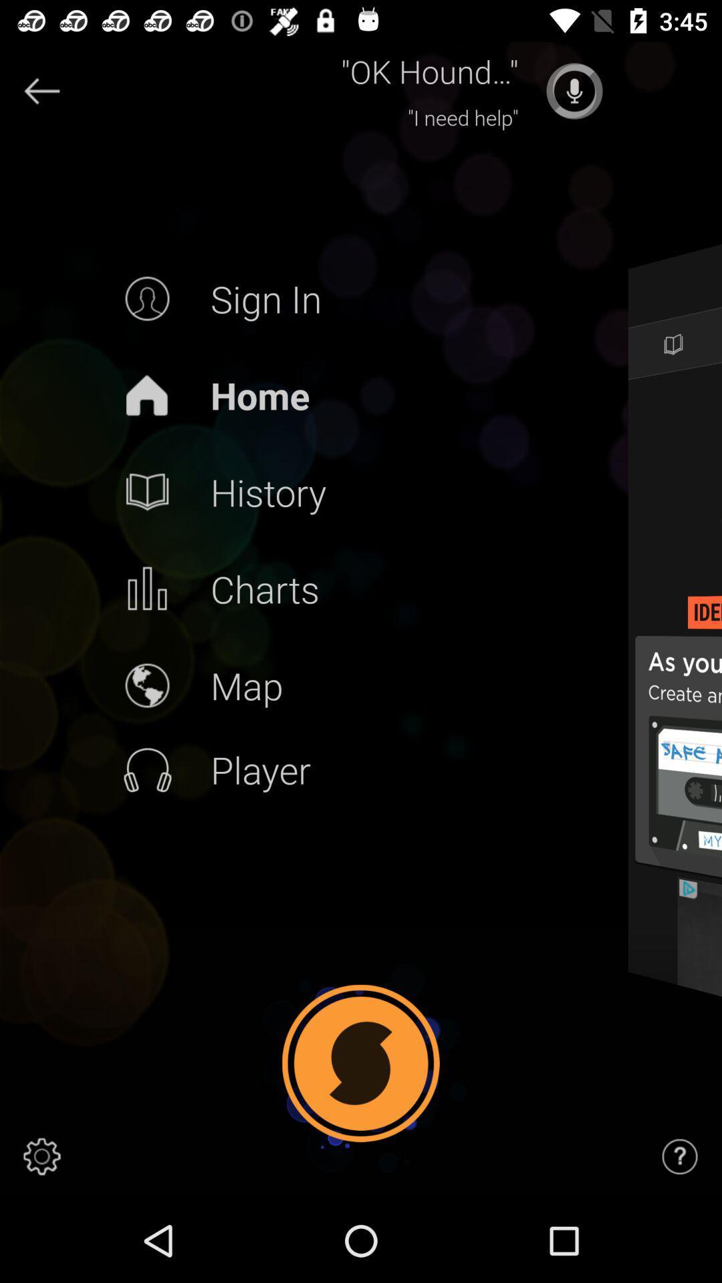 The height and width of the screenshot is (1283, 722). What do you see at coordinates (574, 90) in the screenshot?
I see `press to talk` at bounding box center [574, 90].